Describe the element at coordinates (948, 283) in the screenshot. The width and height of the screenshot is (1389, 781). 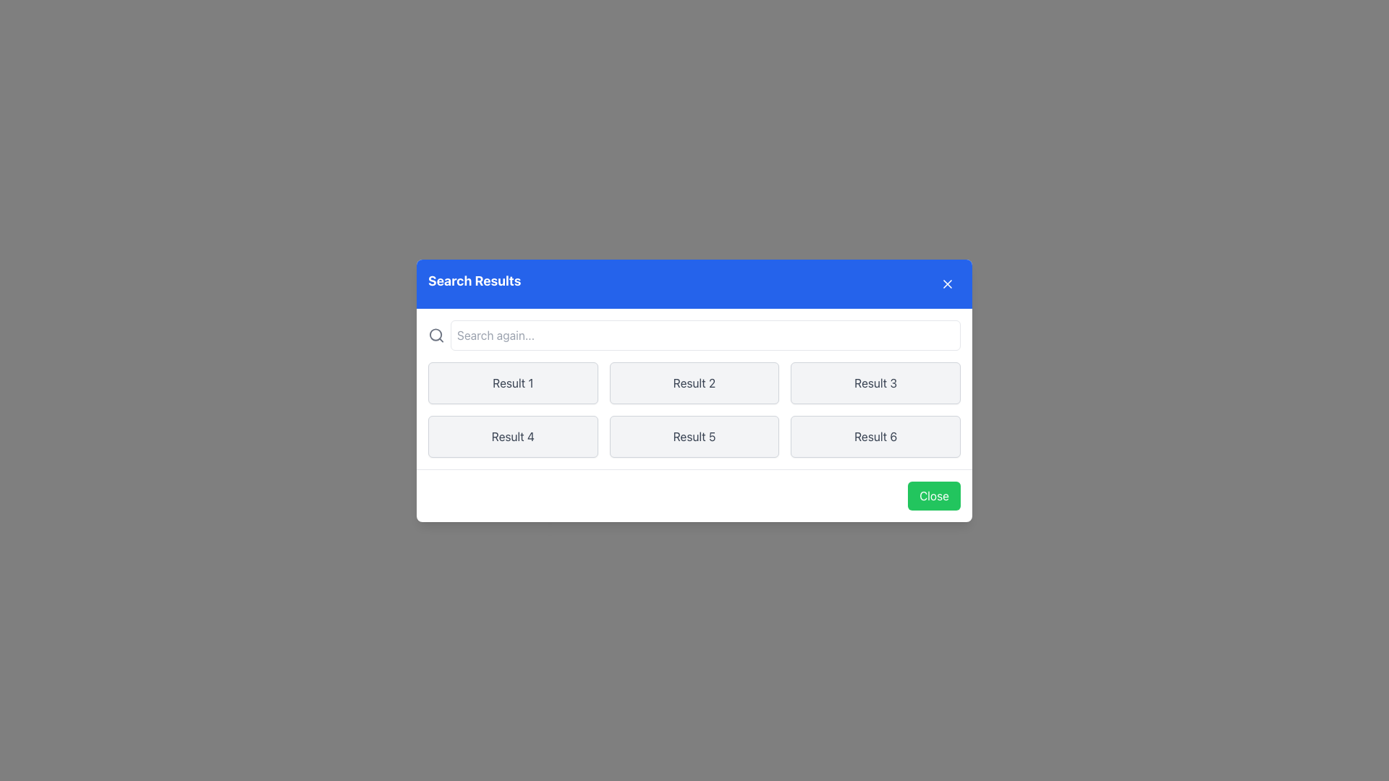
I see `the close button located on the far-right side of the blue header bar labeled 'Search Results'` at that location.